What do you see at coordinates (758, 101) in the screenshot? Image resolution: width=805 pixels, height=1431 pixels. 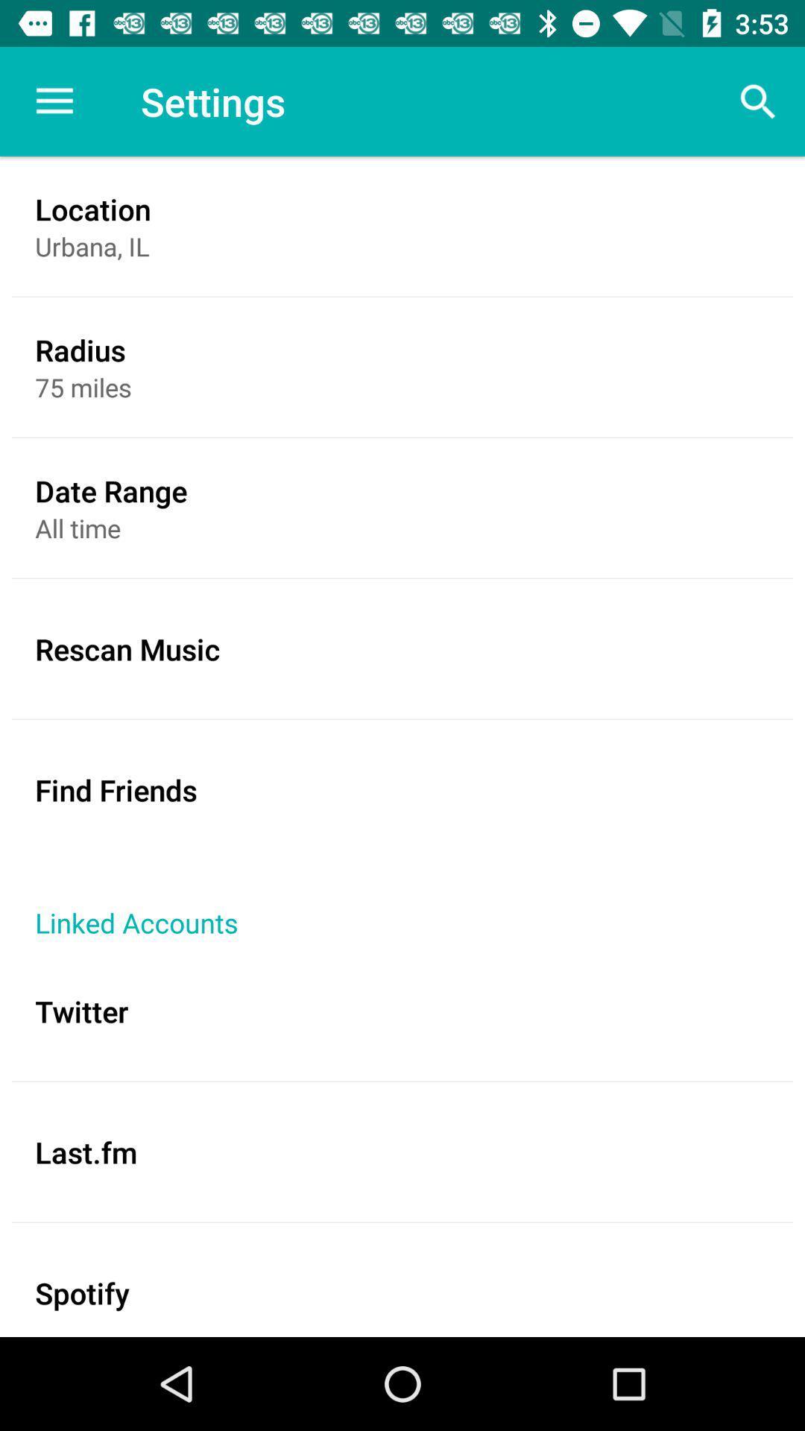 I see `the icon to the right of the settings icon` at bounding box center [758, 101].